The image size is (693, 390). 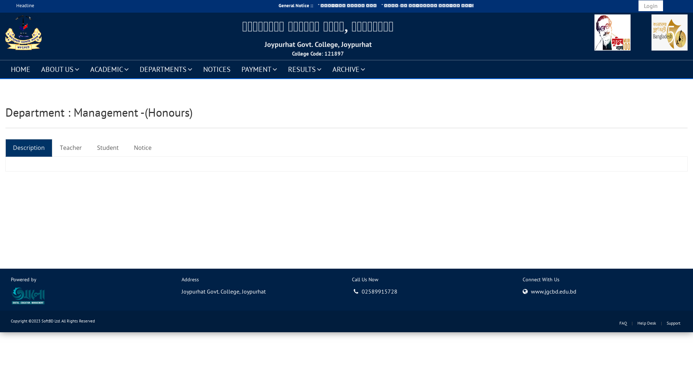 What do you see at coordinates (166, 69) in the screenshot?
I see `'DEPARTMENTS'` at bounding box center [166, 69].